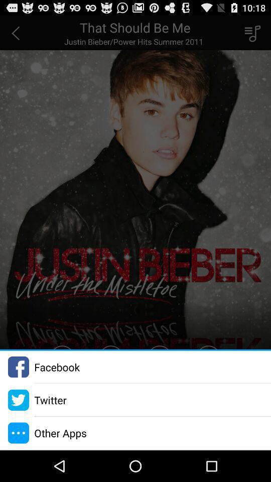 The width and height of the screenshot is (271, 482). Describe the element at coordinates (60, 432) in the screenshot. I see `the other apps item` at that location.